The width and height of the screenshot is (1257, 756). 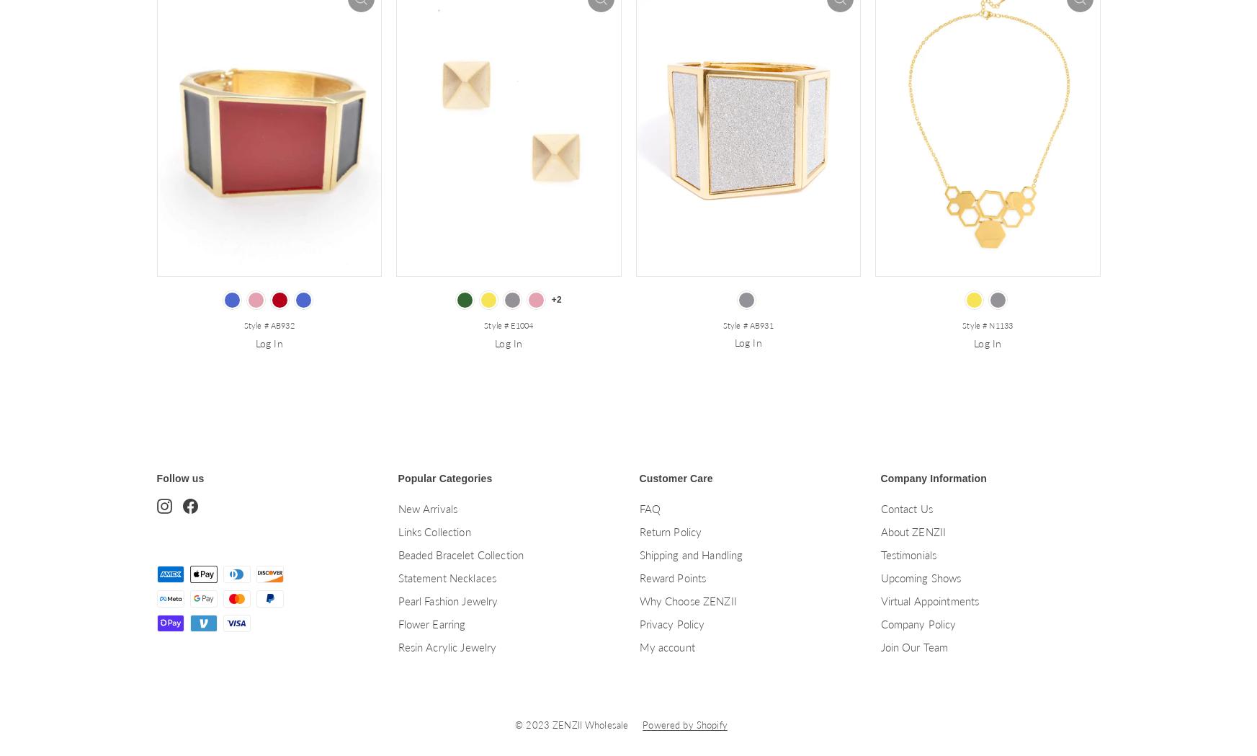 I want to click on 'Beaded Bracelet Collection', so click(x=460, y=554).